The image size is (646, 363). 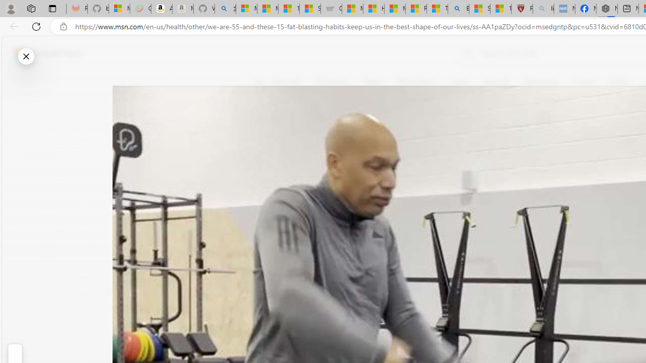 I want to click on 'Combat Siege', so click(x=331, y=9).